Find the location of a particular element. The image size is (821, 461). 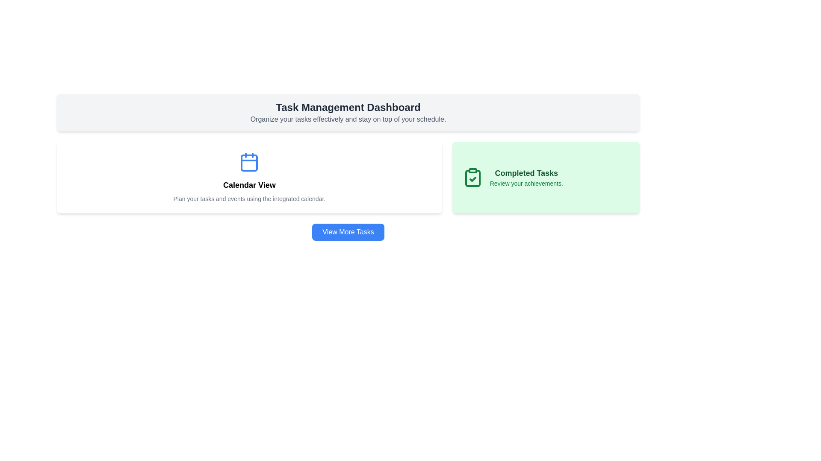

the decorative graphic element that contributes to the visual representation of a clipboard icon, positioned at the top-middle area above the checkmark and clipboard's main body is located at coordinates (472, 171).